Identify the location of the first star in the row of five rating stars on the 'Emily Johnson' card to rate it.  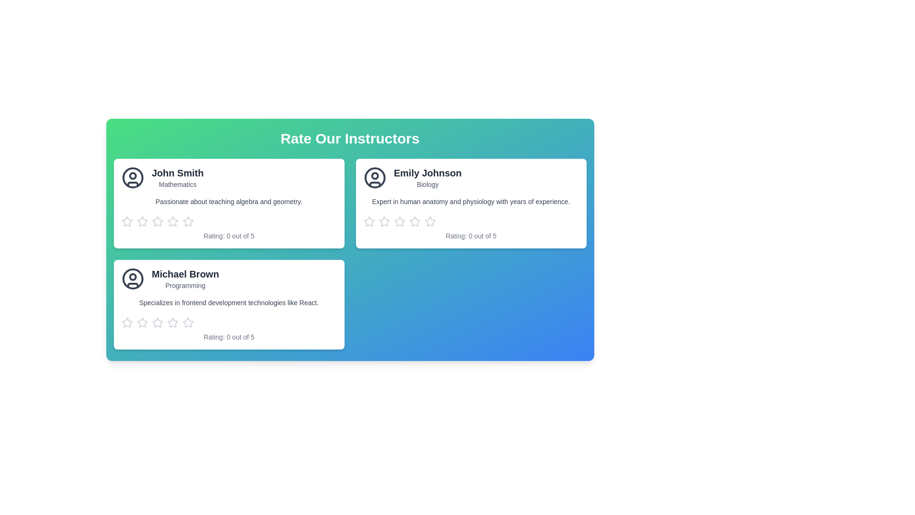
(384, 221).